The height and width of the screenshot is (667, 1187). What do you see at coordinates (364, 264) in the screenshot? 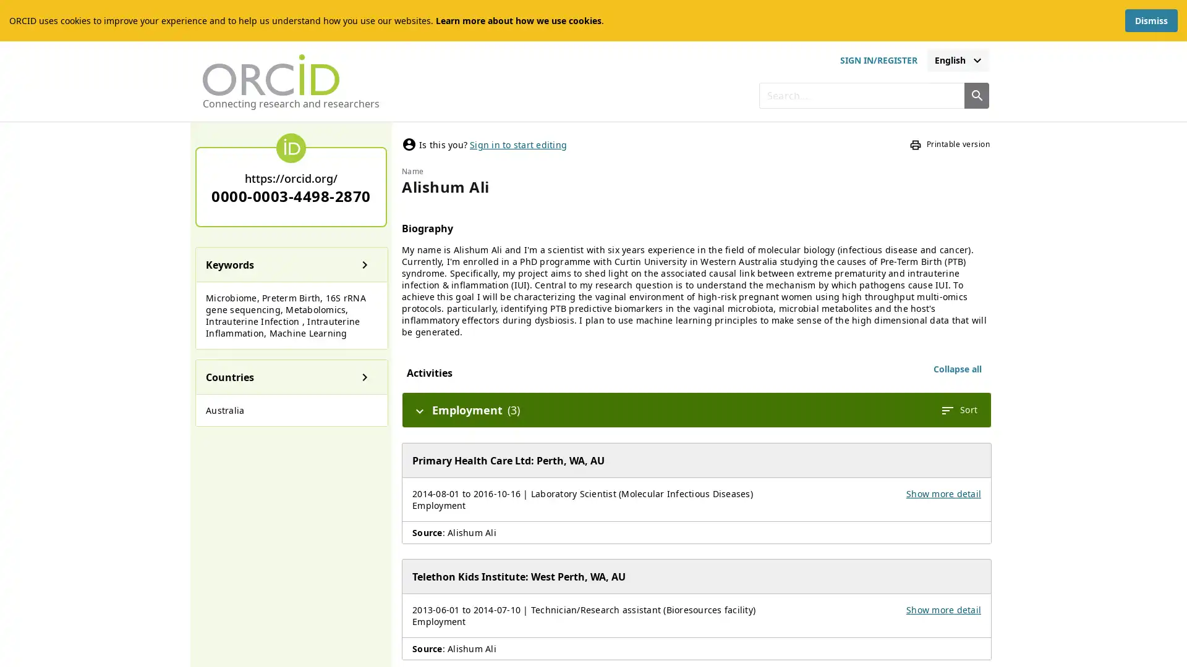
I see `Show details` at bounding box center [364, 264].